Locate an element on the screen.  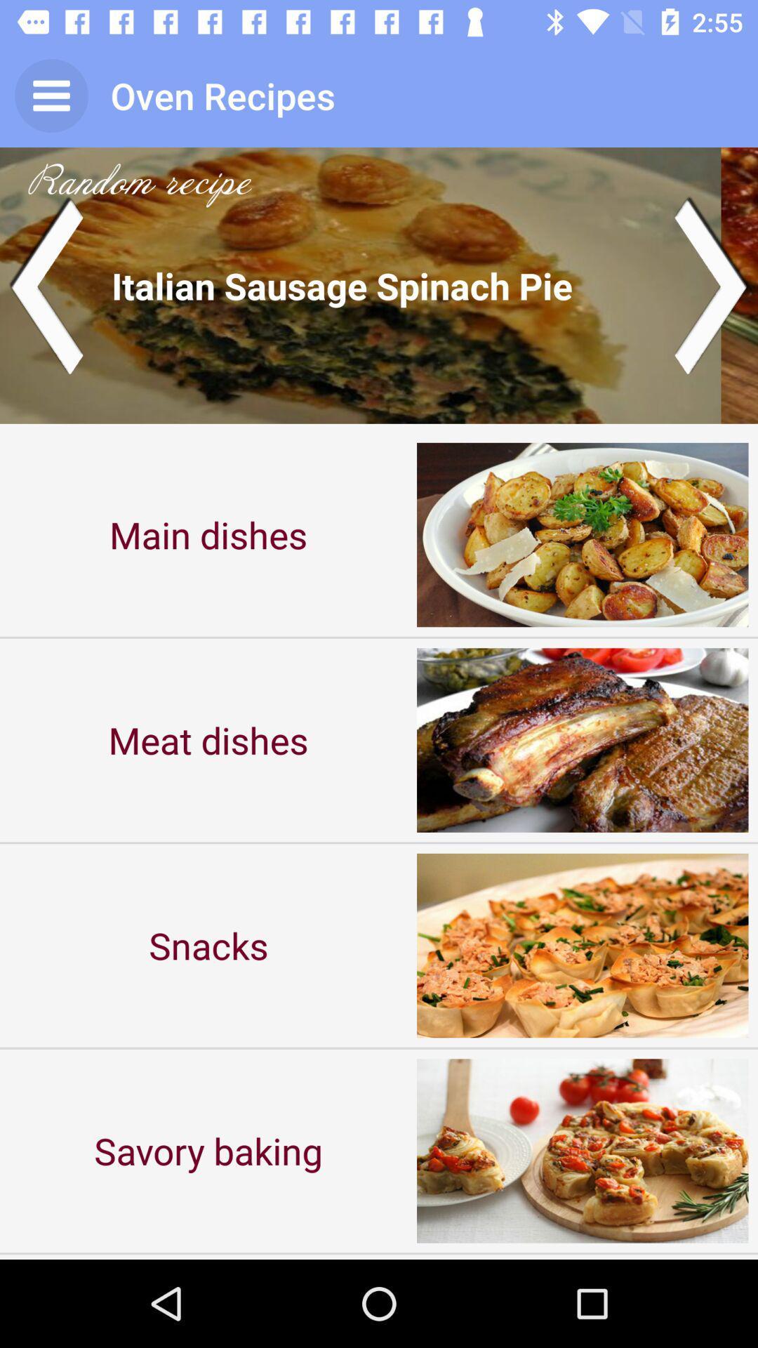
the snacks item is located at coordinates (208, 945).